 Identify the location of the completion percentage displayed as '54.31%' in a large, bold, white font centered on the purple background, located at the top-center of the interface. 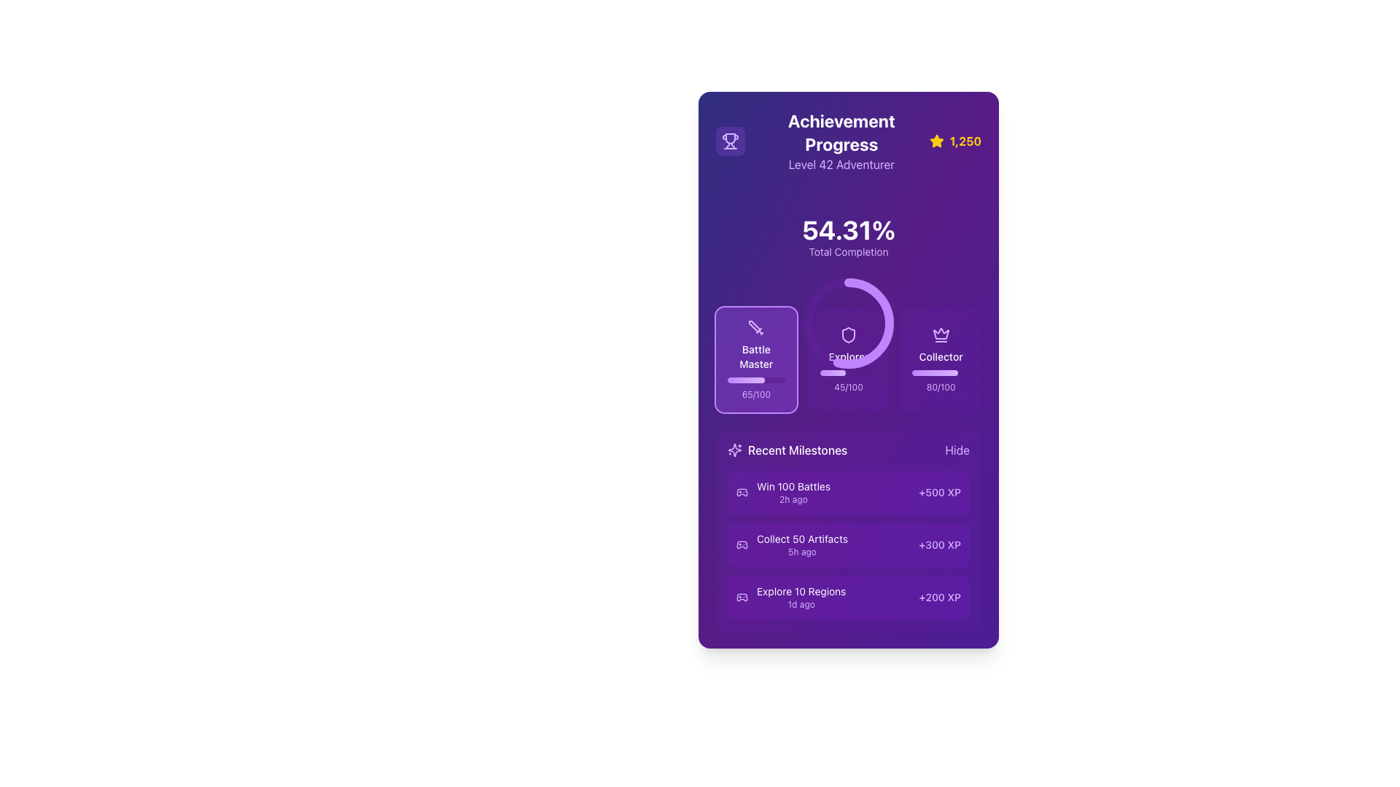
(848, 230).